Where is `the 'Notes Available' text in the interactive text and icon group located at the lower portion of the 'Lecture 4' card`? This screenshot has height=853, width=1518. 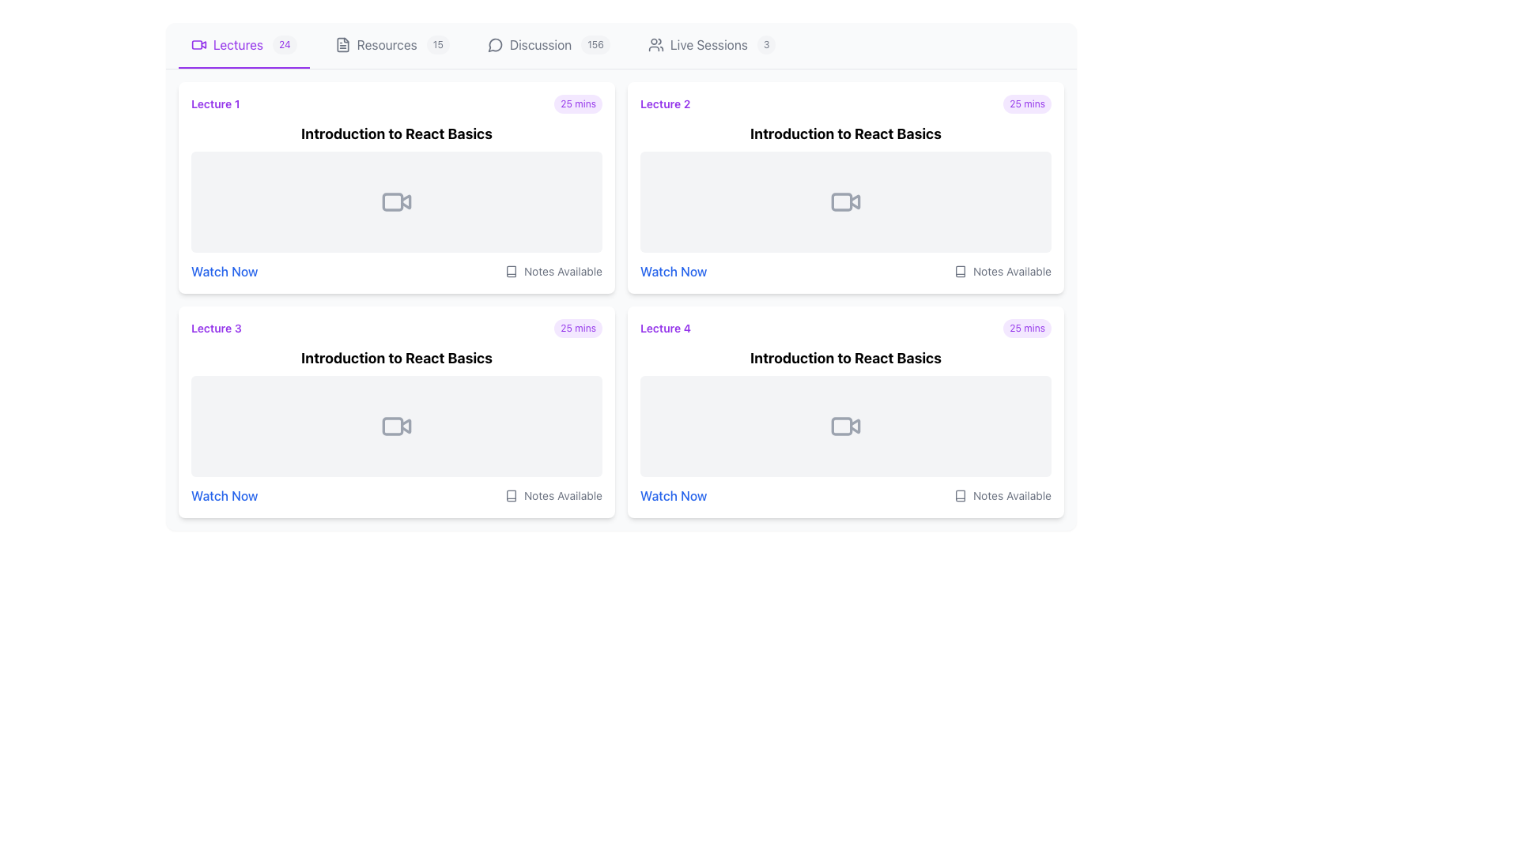
the 'Notes Available' text in the interactive text and icon group located at the lower portion of the 'Lecture 4' card is located at coordinates (845, 495).